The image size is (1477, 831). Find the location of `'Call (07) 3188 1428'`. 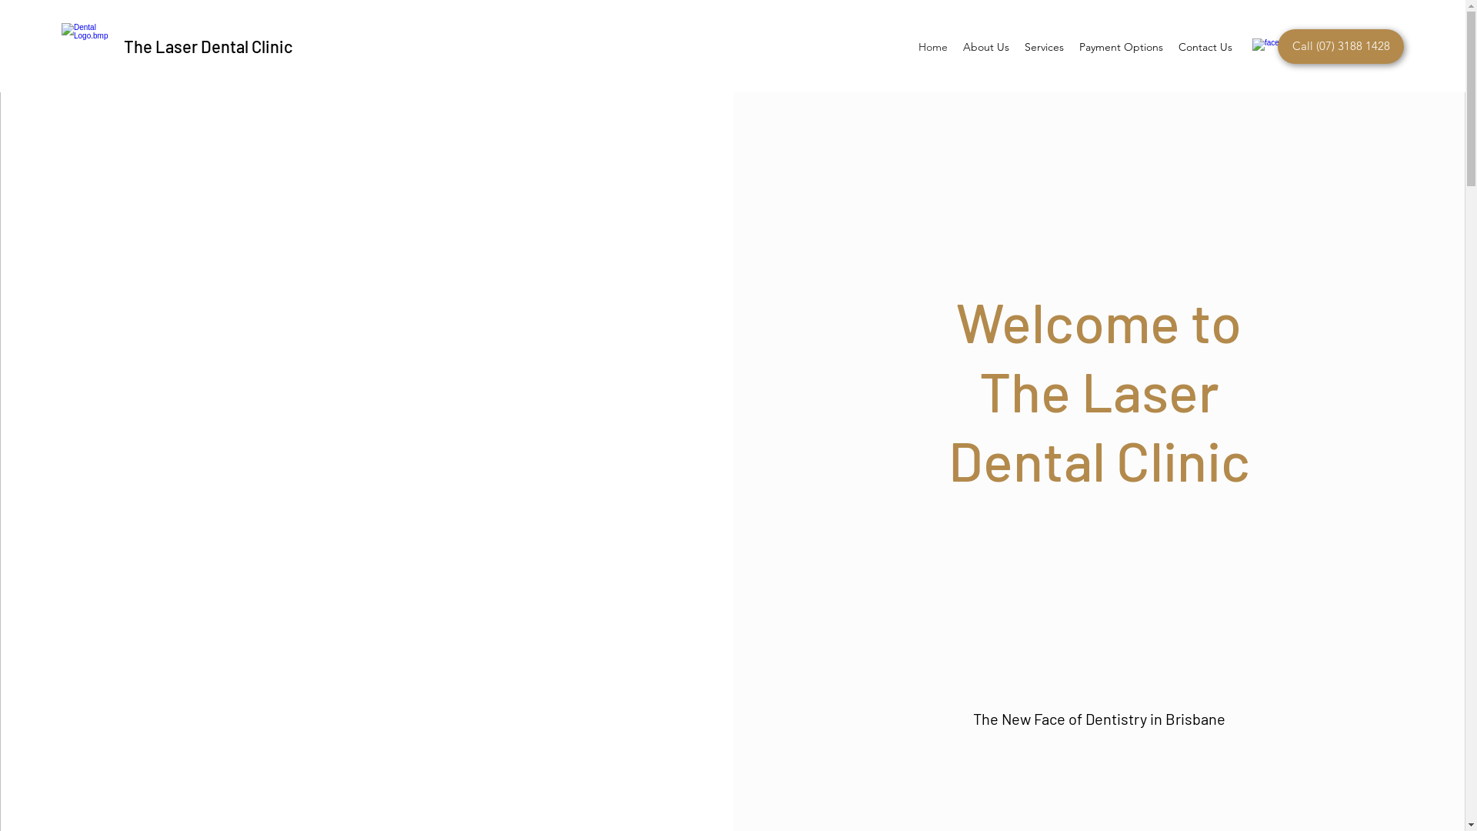

'Call (07) 3188 1428' is located at coordinates (1277, 45).